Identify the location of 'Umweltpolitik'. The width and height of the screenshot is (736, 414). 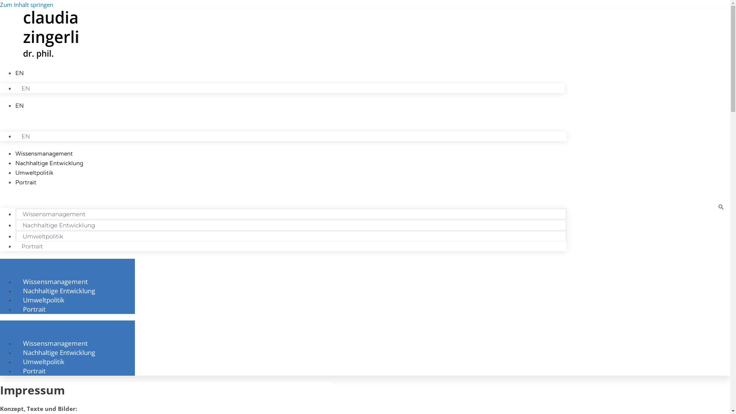
(43, 361).